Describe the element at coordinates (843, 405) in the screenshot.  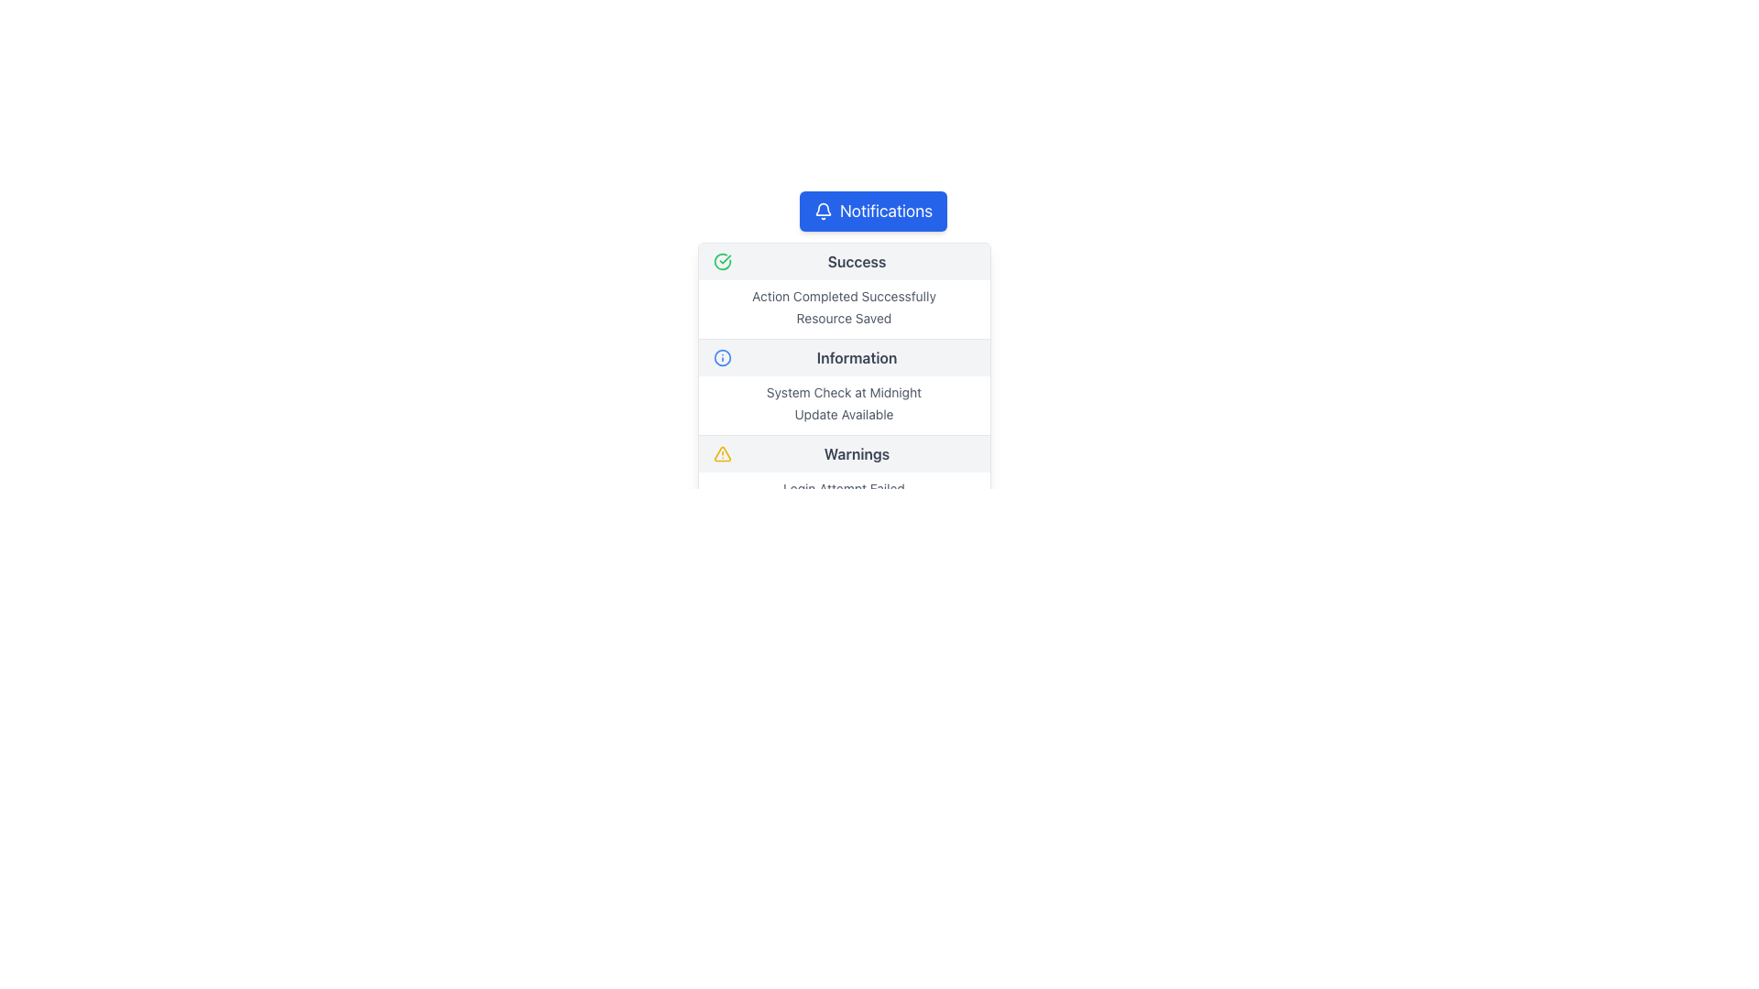
I see `text block displaying 'System Check at Midnight' and 'Update Available' located under the 'Information' header in the notification panel` at that location.